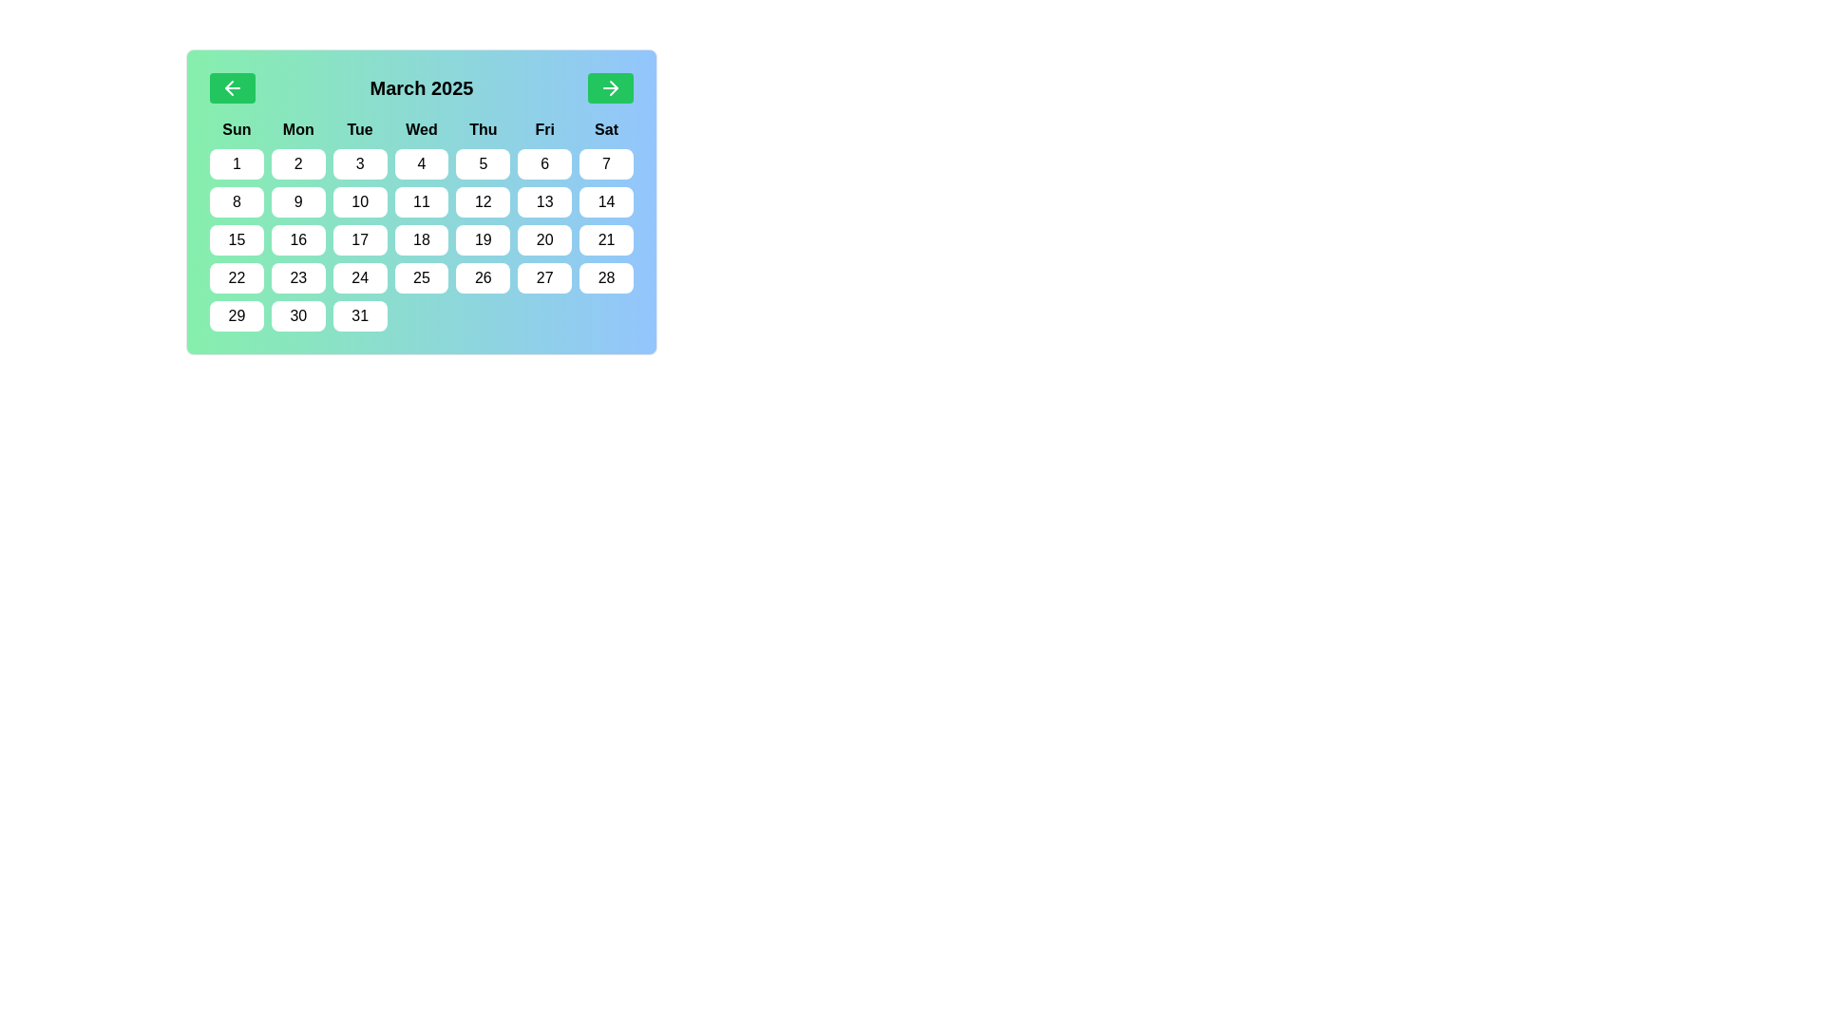 This screenshot has height=1026, width=1824. Describe the element at coordinates (483, 278) in the screenshot. I see `the button labeled '26' in the fifth row and fifth column of the calendar grid` at that location.